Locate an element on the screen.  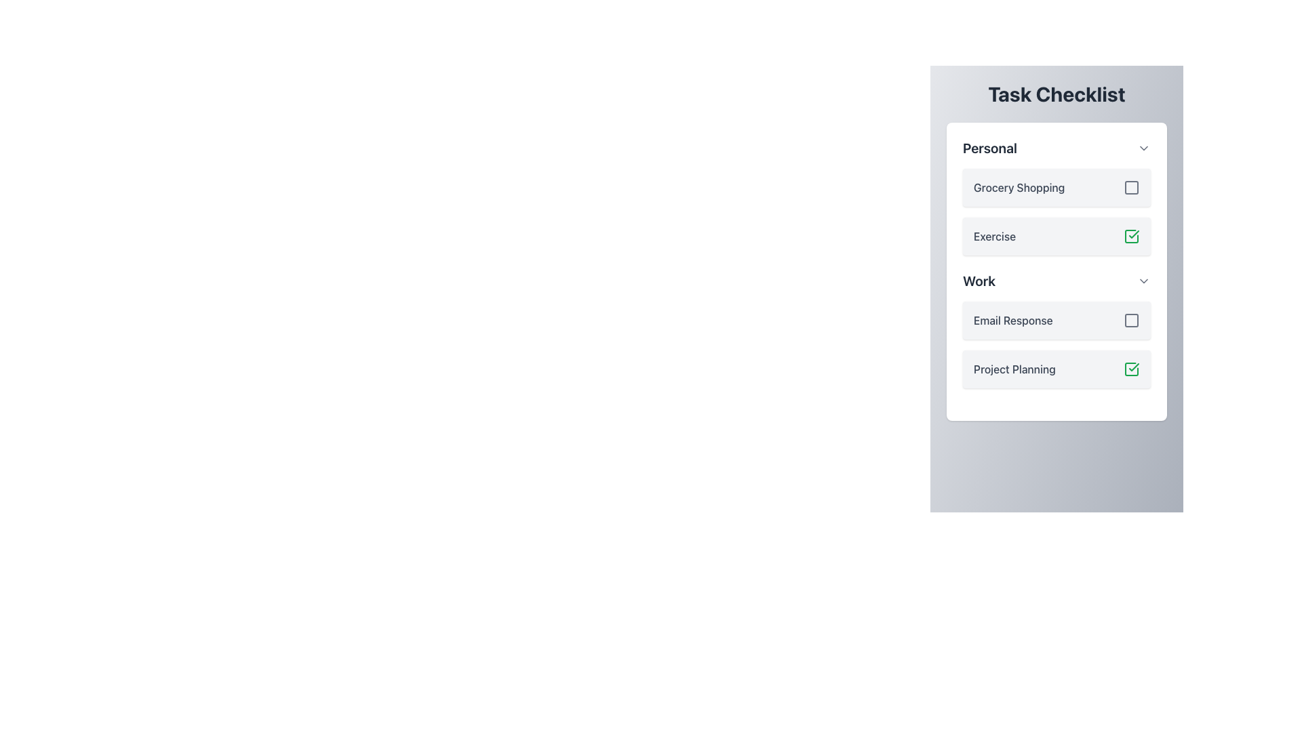
descriptive label for the task entry 'Project Planning' located on the left side of the 'Work' section in the checklist interface is located at coordinates (1014, 369).